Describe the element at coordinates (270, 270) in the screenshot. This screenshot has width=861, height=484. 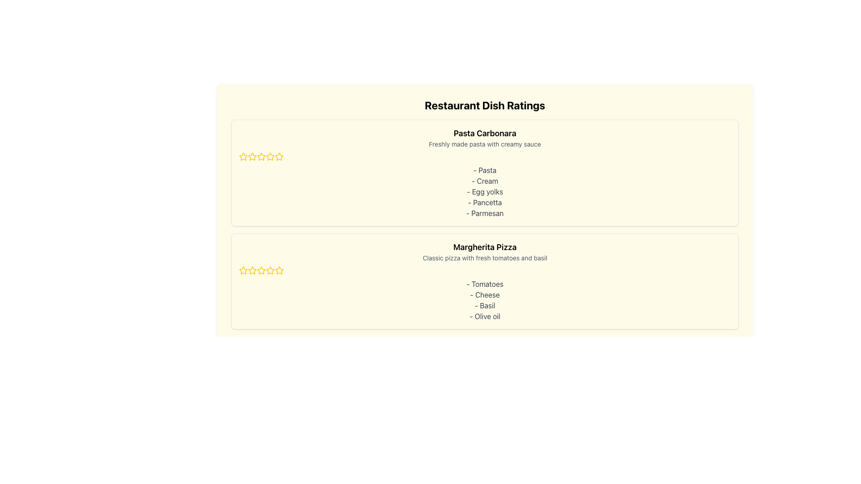
I see `the second yellow star icon in the rating component beneath the 'Margherita Pizza' section` at that location.